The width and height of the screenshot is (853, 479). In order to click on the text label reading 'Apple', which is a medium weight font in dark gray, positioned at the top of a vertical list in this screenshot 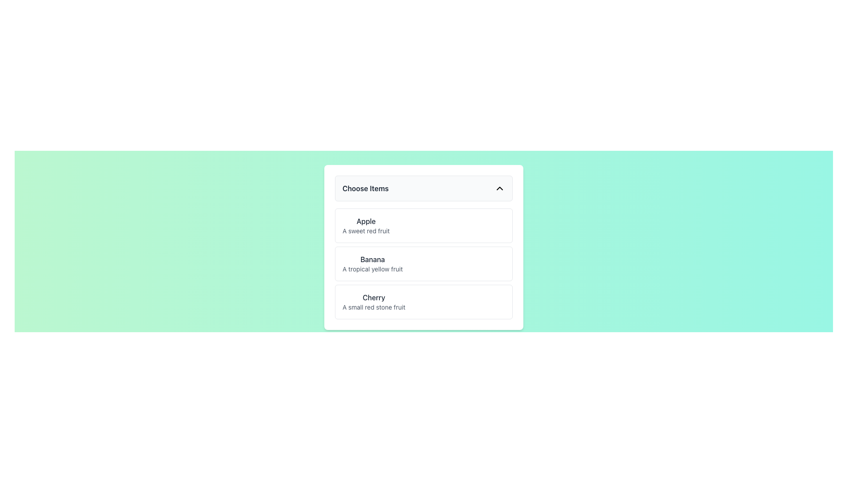, I will do `click(366, 220)`.